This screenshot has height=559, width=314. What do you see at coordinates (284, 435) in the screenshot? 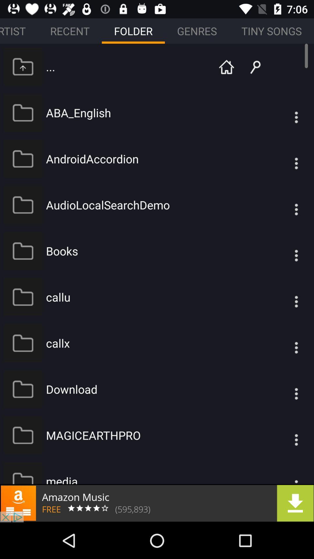
I see `open folder options` at bounding box center [284, 435].